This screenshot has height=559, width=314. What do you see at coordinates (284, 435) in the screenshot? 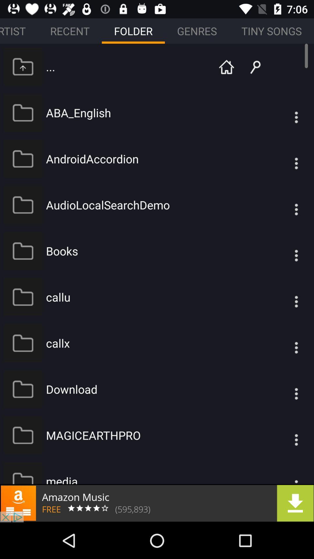
I see `open folder options` at bounding box center [284, 435].